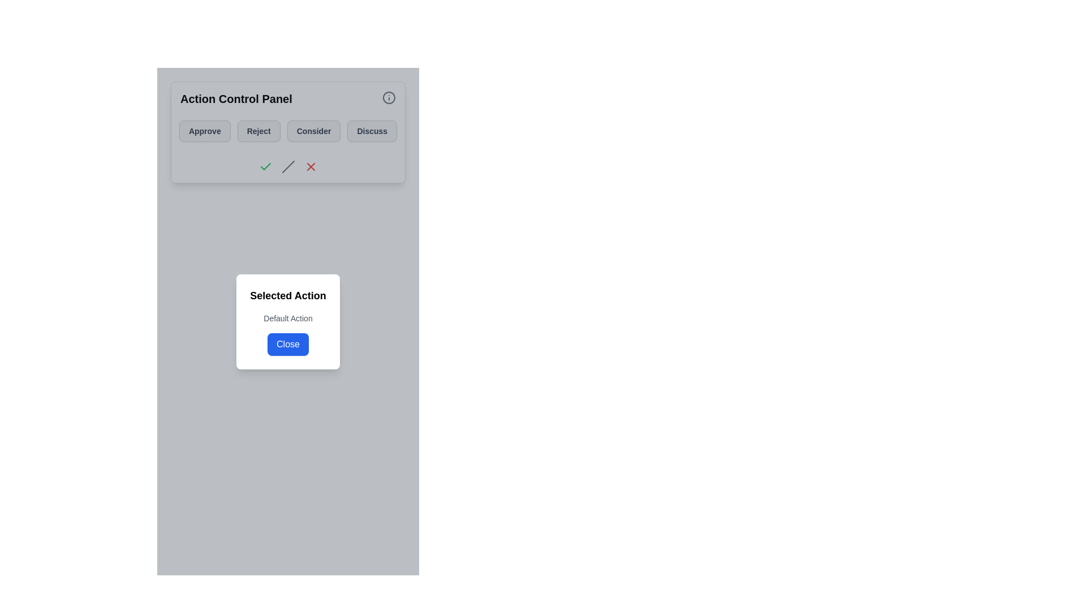  Describe the element at coordinates (288, 166) in the screenshot. I see `the diagonal line slash icon, which is the second icon in the icon panel located below the four labeled buttons (Approve, Reject, Consider, Discuss) in the 'Action Control Panel' UI section` at that location.